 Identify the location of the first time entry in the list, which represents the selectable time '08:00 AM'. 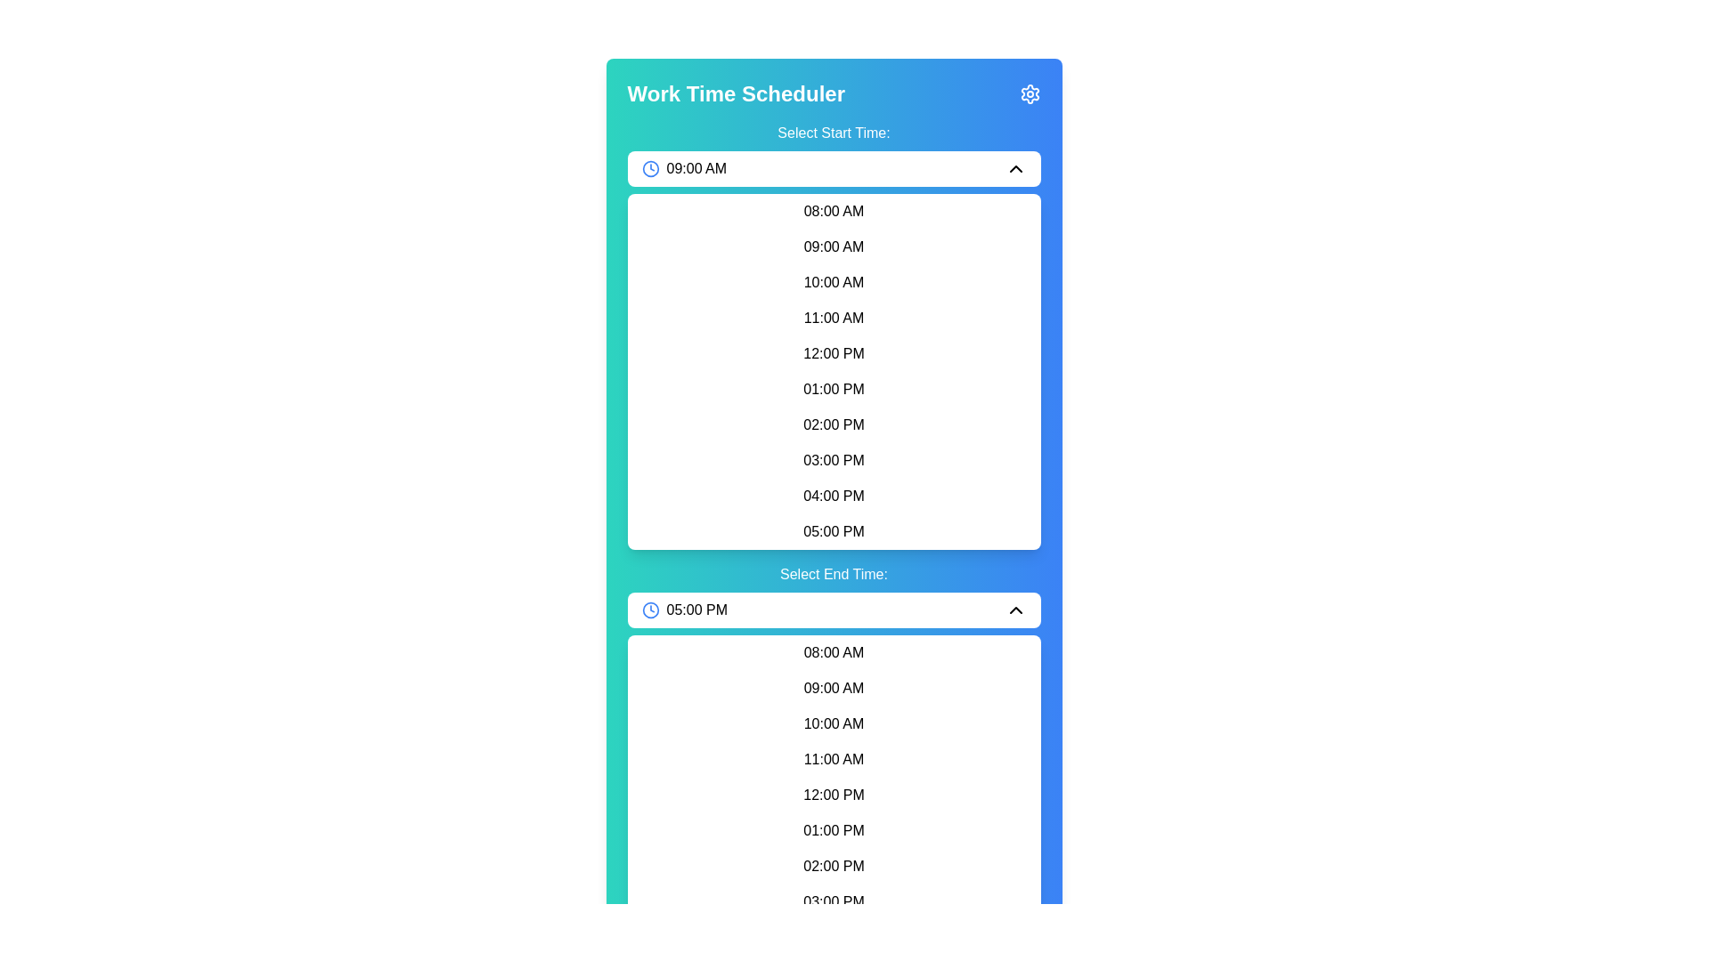
(833, 652).